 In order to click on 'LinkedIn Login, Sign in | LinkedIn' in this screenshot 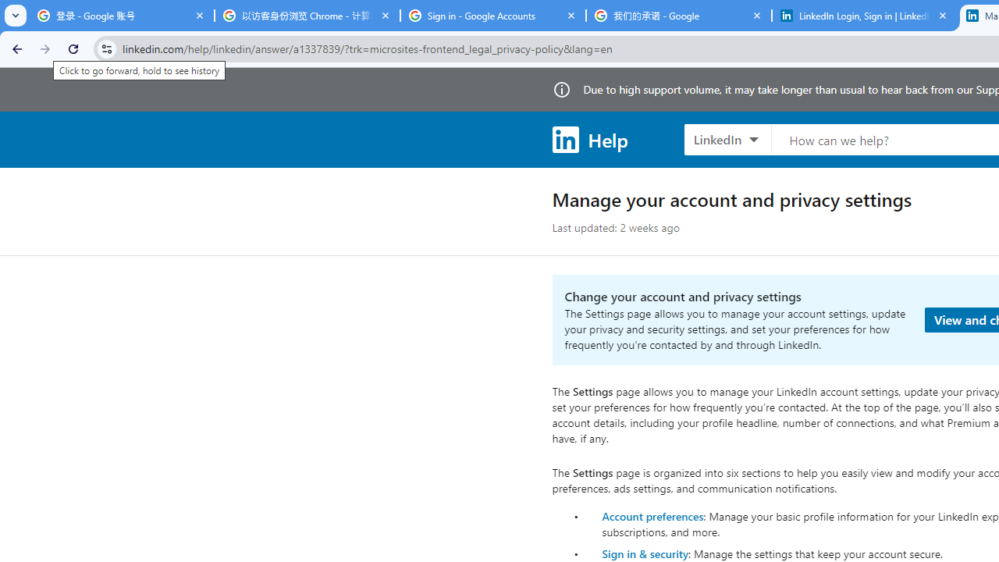, I will do `click(864, 16)`.